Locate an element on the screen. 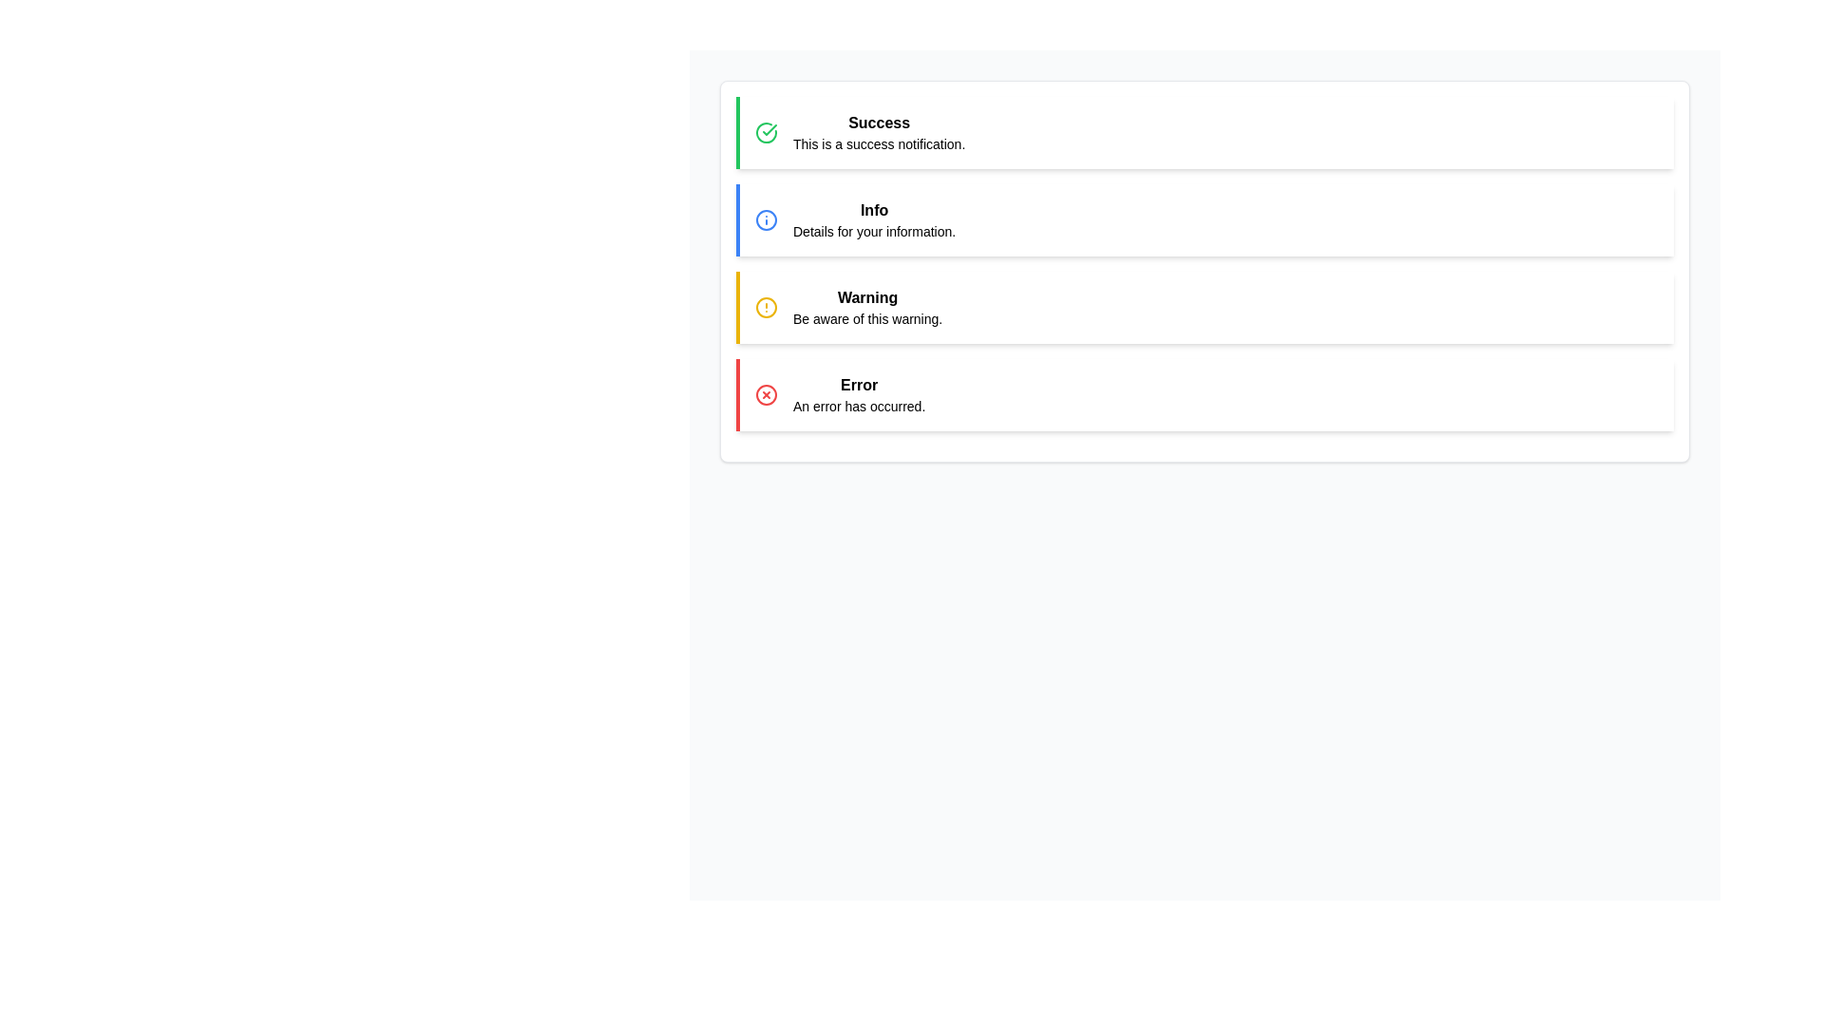 This screenshot has width=1824, height=1026. the 'Warning' text block, which is styled with bold font and prominently displayed within a notification card, positioned above the text 'Be aware of this warning.' is located at coordinates (866, 297).